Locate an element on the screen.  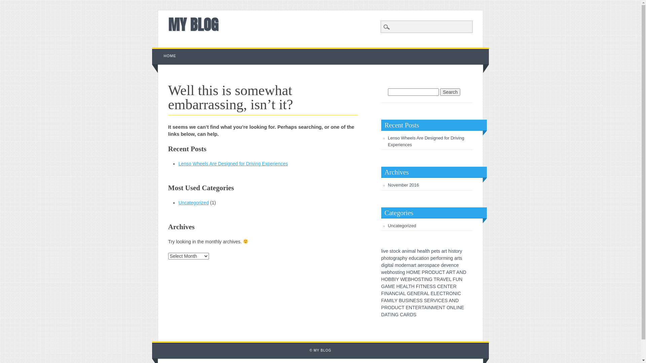
'I' is located at coordinates (437, 300).